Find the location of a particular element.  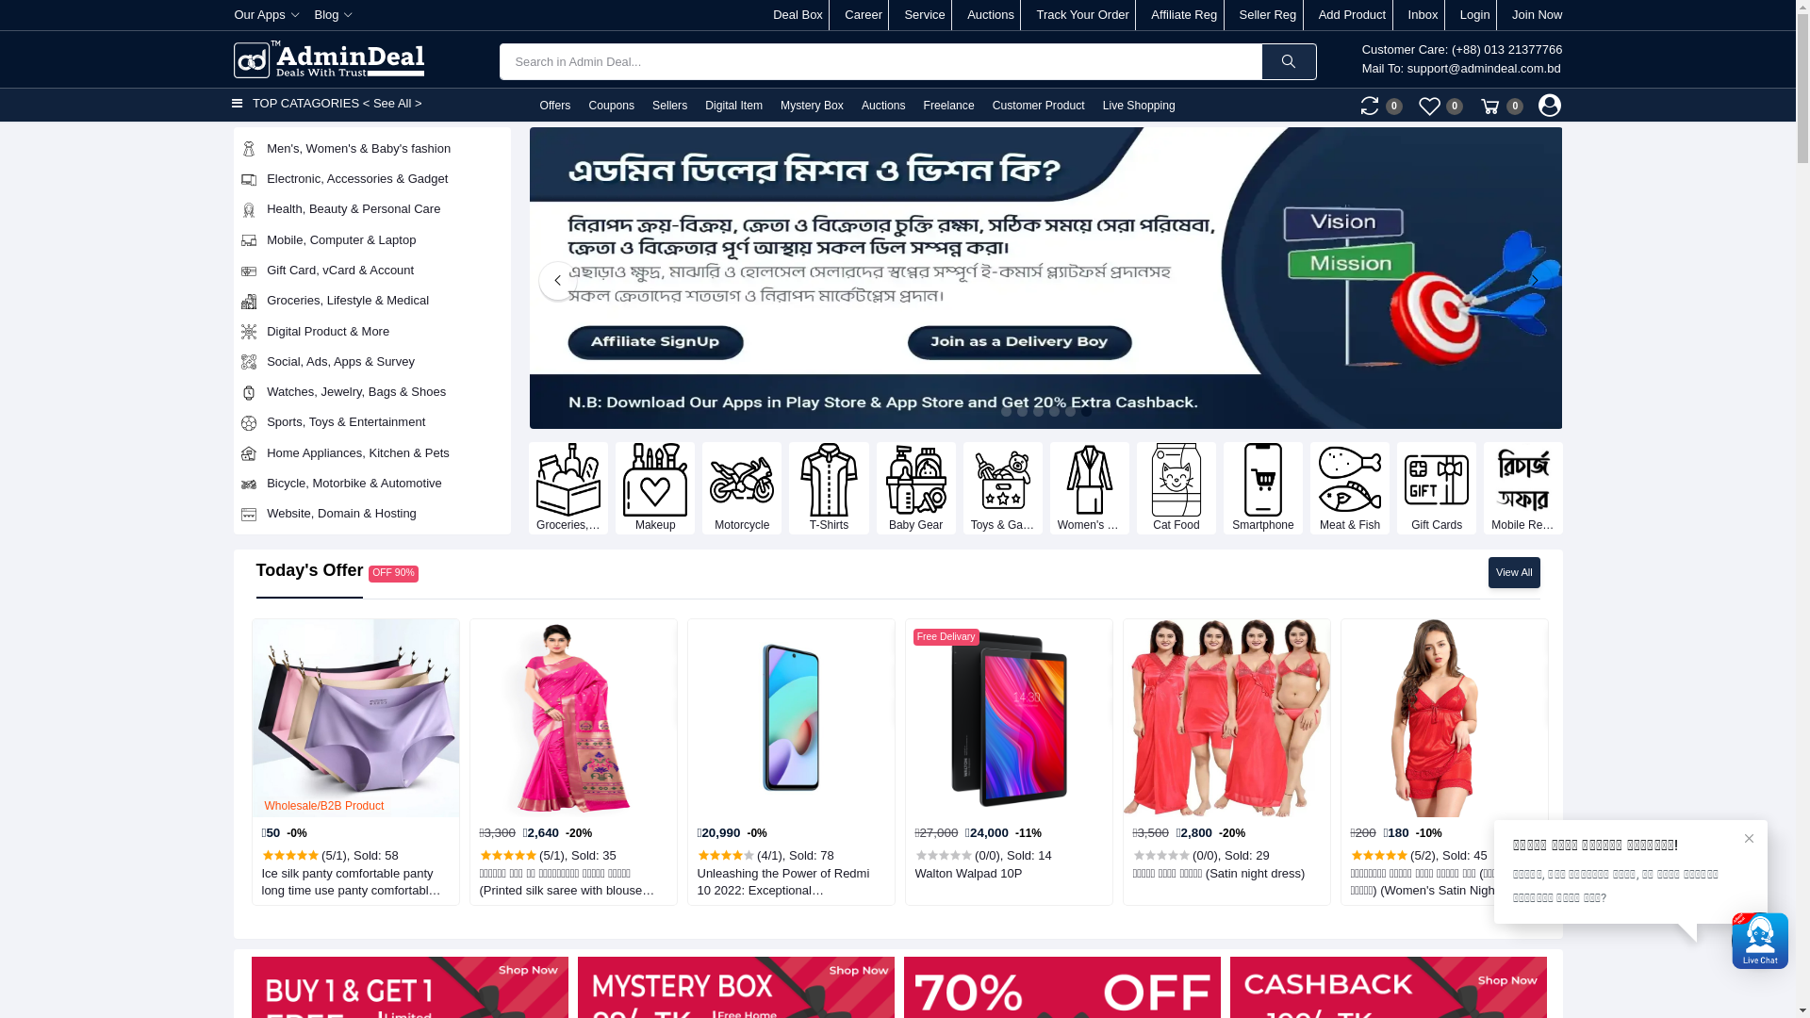

'Coupons' is located at coordinates (610, 105).